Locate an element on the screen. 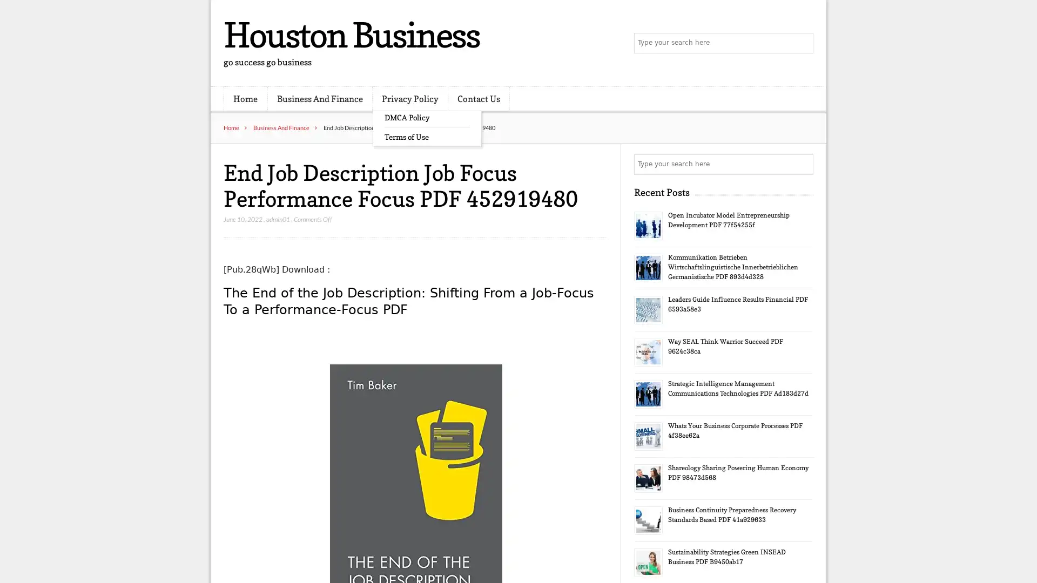  Search is located at coordinates (802, 164).